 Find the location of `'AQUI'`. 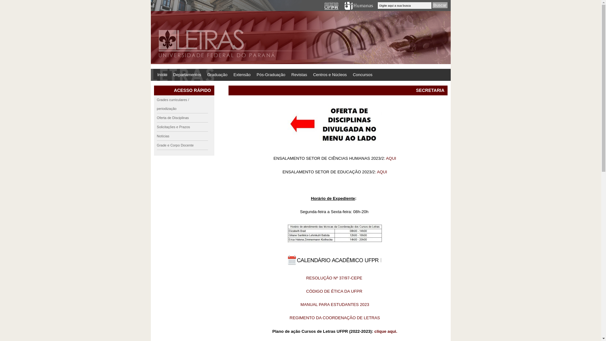

'AQUI' is located at coordinates (381, 171).